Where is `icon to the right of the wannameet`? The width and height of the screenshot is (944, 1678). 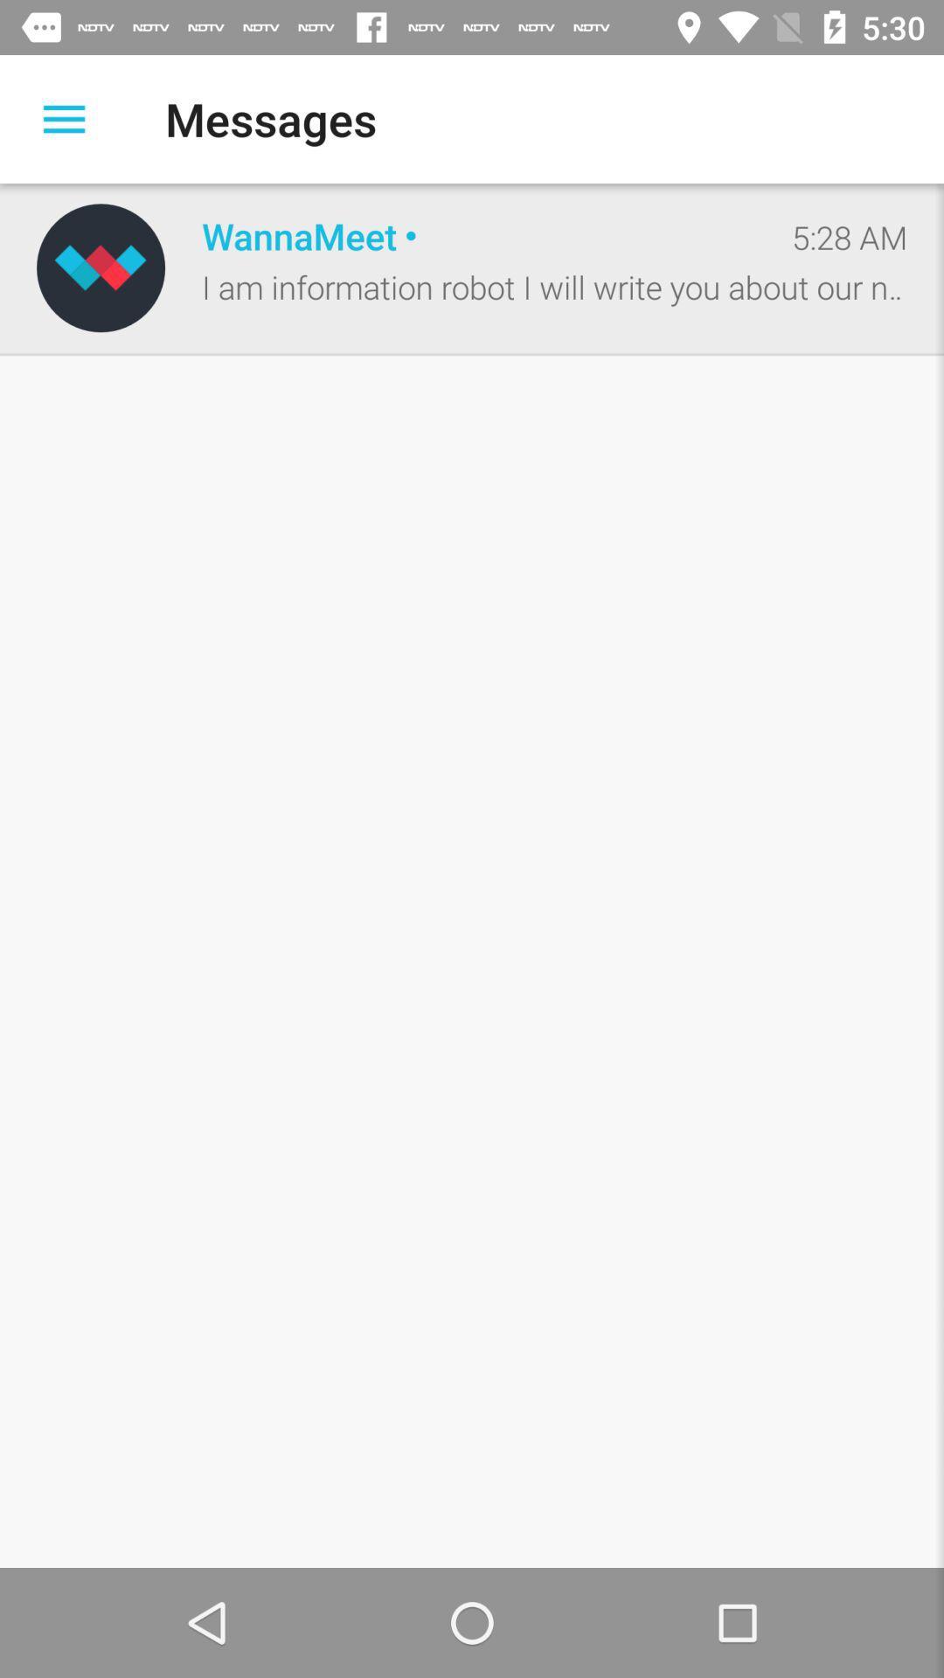
icon to the right of the wannameet is located at coordinates (849, 236).